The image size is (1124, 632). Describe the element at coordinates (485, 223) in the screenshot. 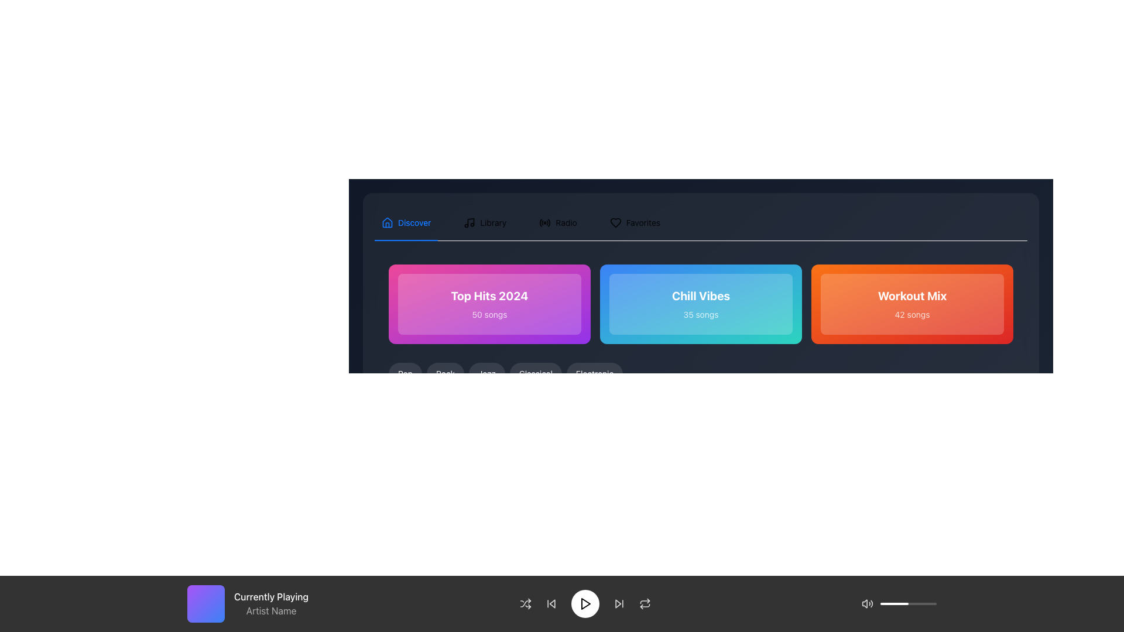

I see `the Library tab in the navigation bar` at that location.